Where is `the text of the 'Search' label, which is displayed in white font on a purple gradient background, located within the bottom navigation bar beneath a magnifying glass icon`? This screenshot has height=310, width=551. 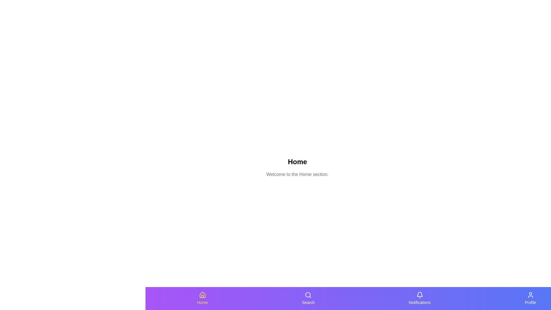 the text of the 'Search' label, which is displayed in white font on a purple gradient background, located within the bottom navigation bar beneath a magnifying glass icon is located at coordinates (308, 302).